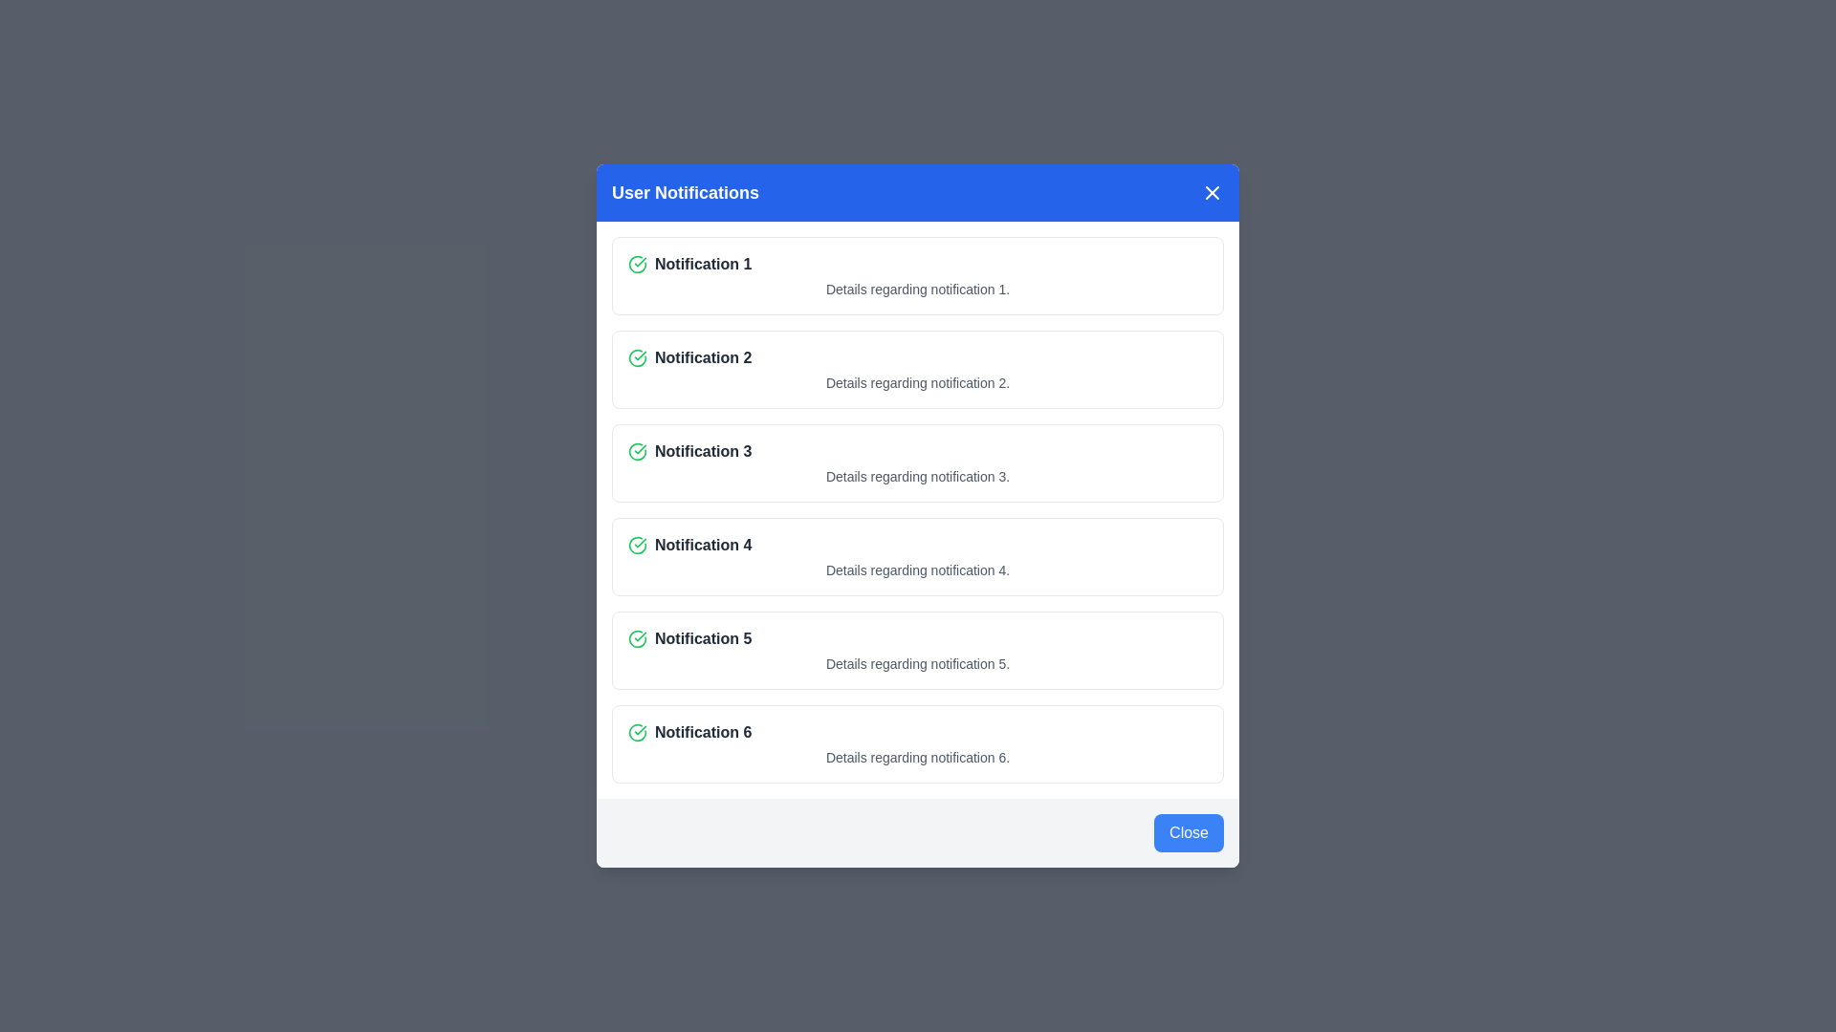 The height and width of the screenshot is (1032, 1836). What do you see at coordinates (1188, 831) in the screenshot?
I see `the close button located at the bottom-right corner of the dialog` at bounding box center [1188, 831].